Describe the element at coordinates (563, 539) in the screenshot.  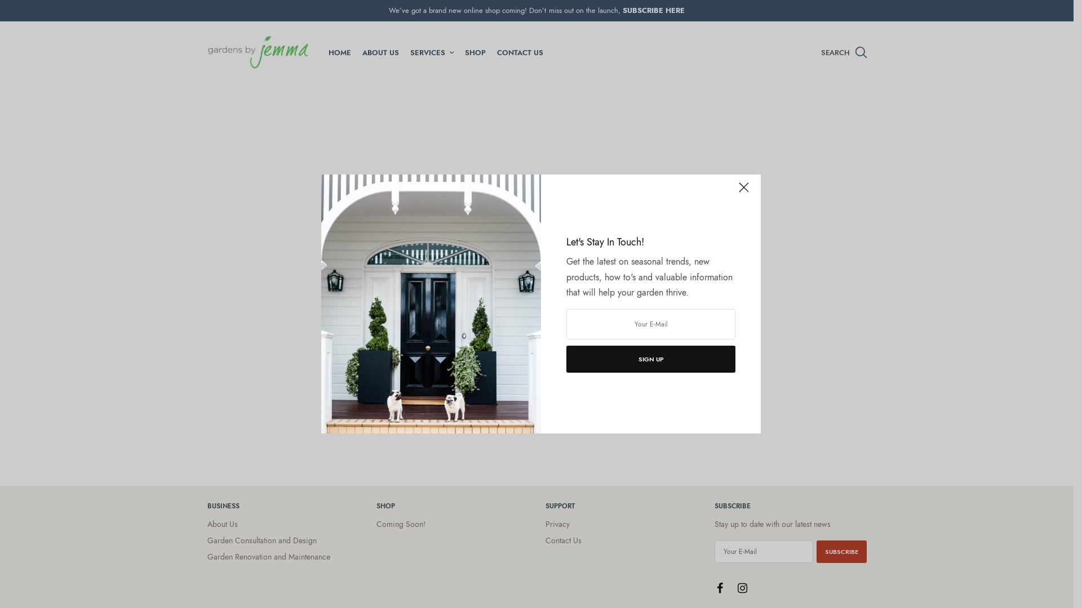
I see `'Contact Us'` at that location.